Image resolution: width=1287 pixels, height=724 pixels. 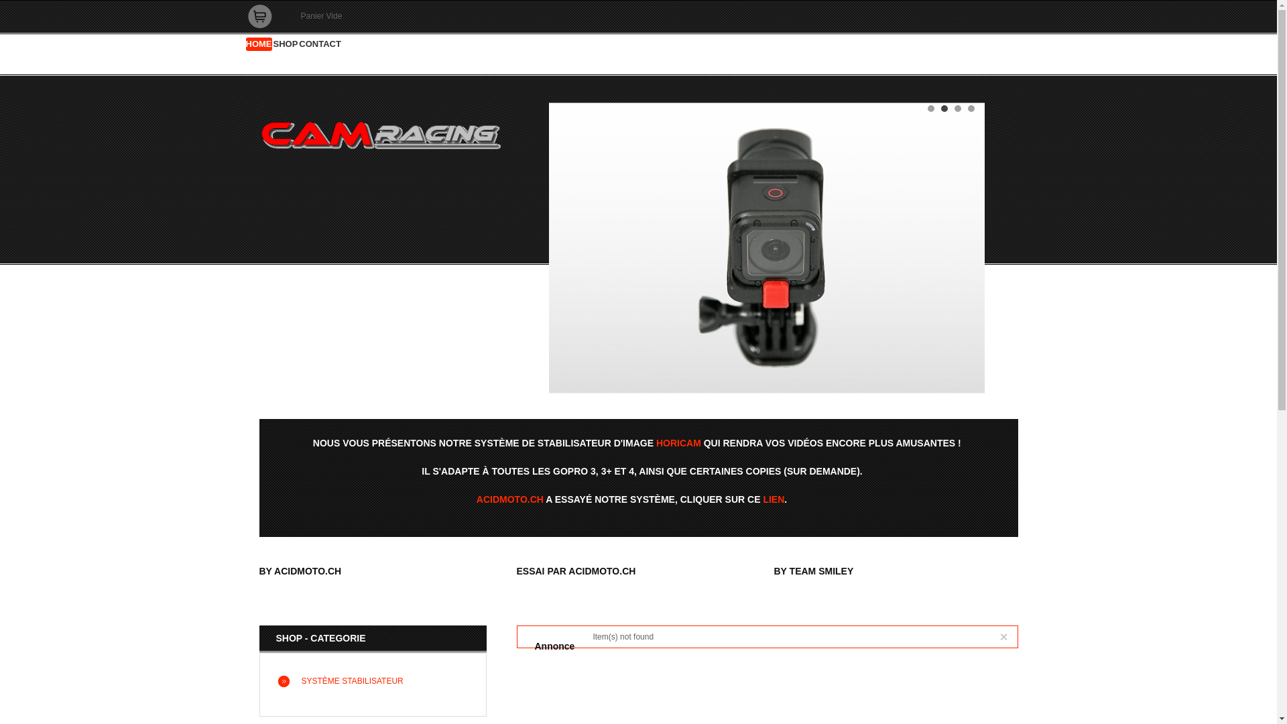 I want to click on 'SHOP', so click(x=273, y=43).